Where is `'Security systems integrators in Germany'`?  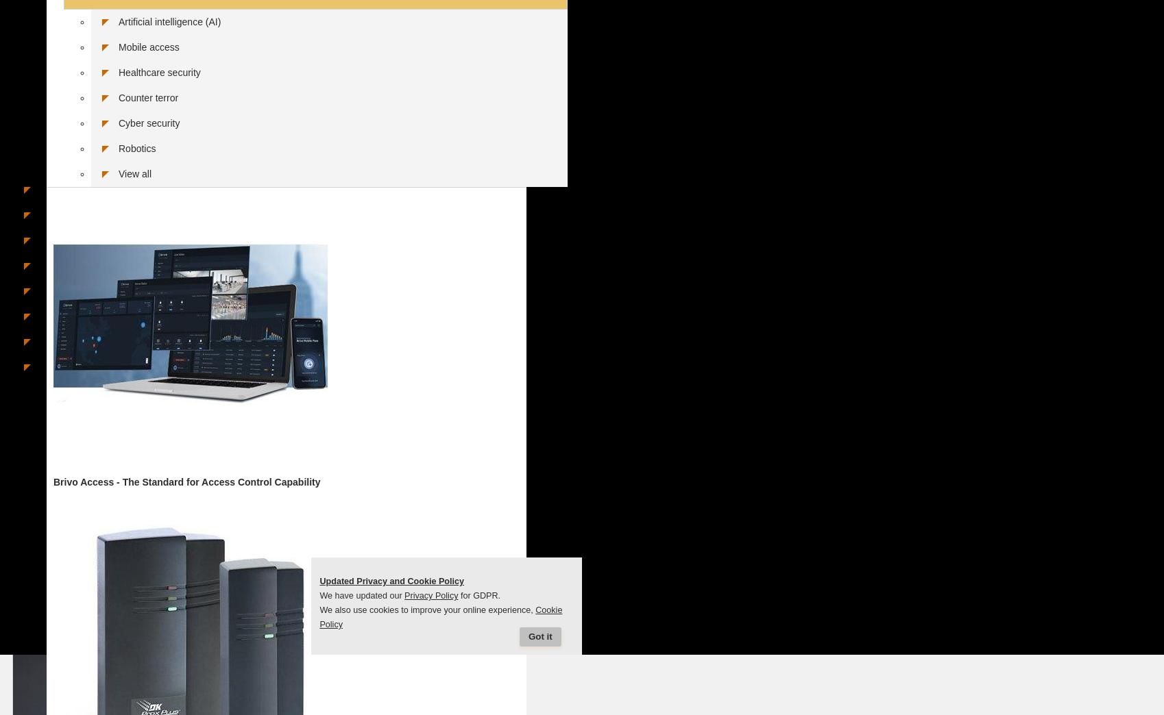
'Security systems integrators in Germany' is located at coordinates (127, 314).